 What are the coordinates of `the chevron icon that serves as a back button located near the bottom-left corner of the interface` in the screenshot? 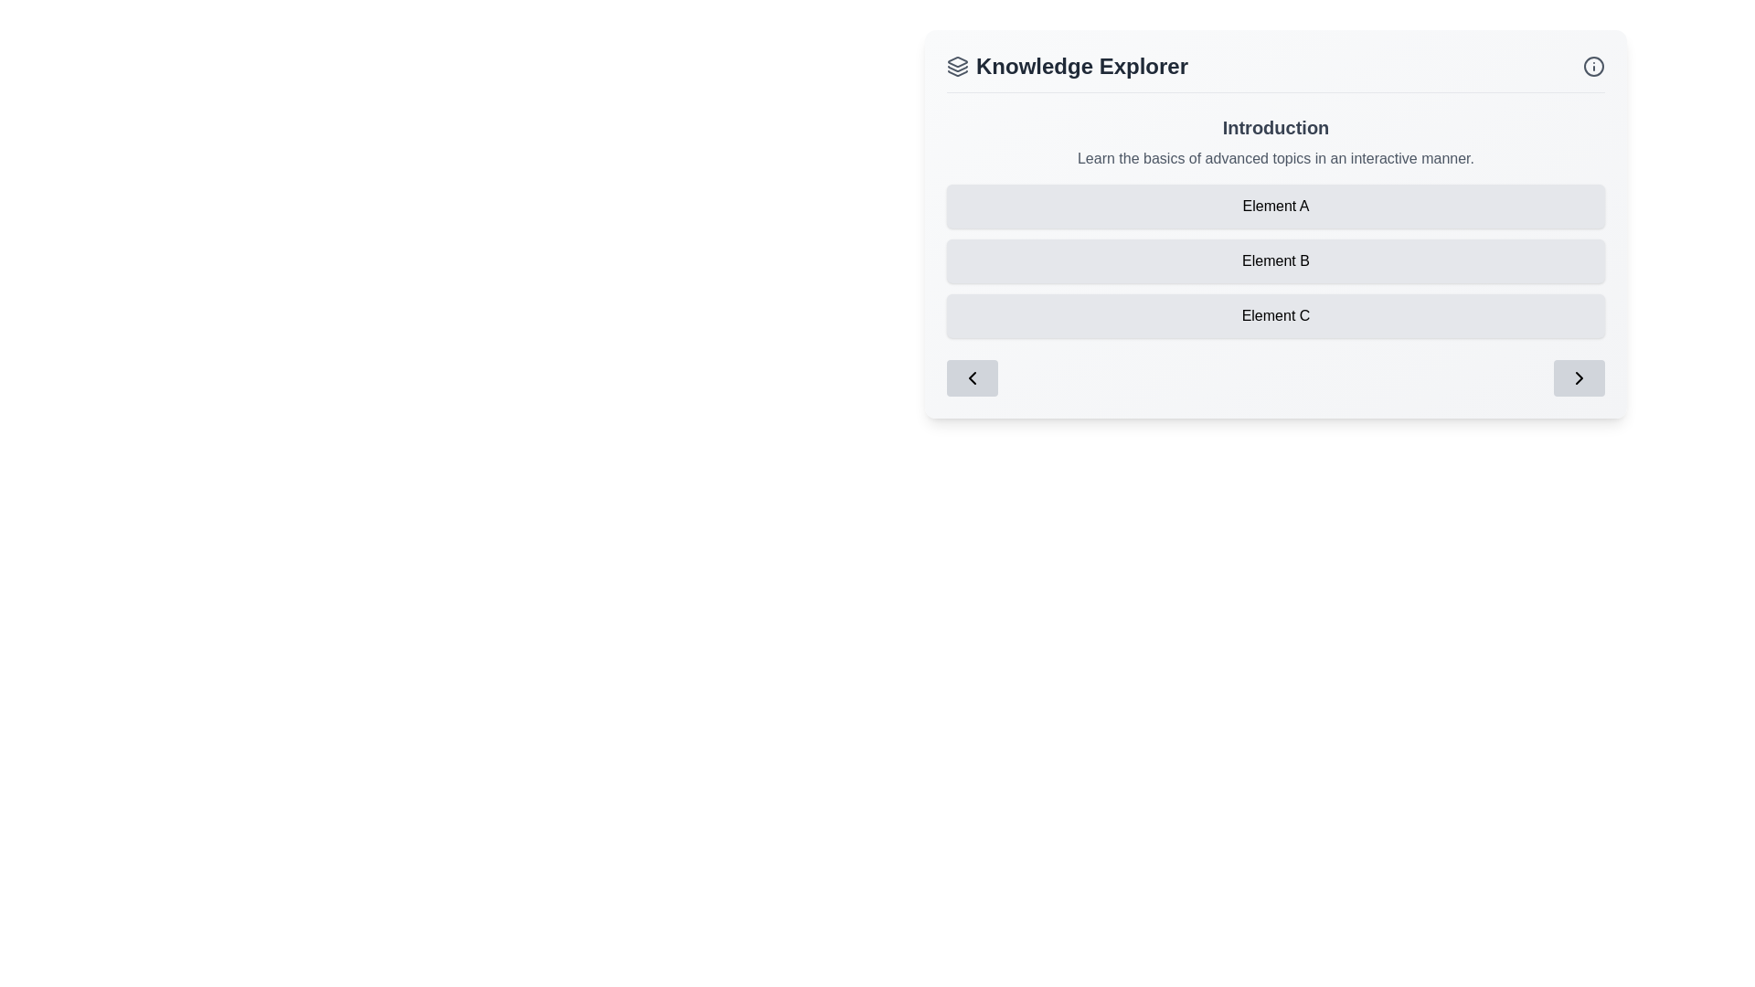 It's located at (972, 377).